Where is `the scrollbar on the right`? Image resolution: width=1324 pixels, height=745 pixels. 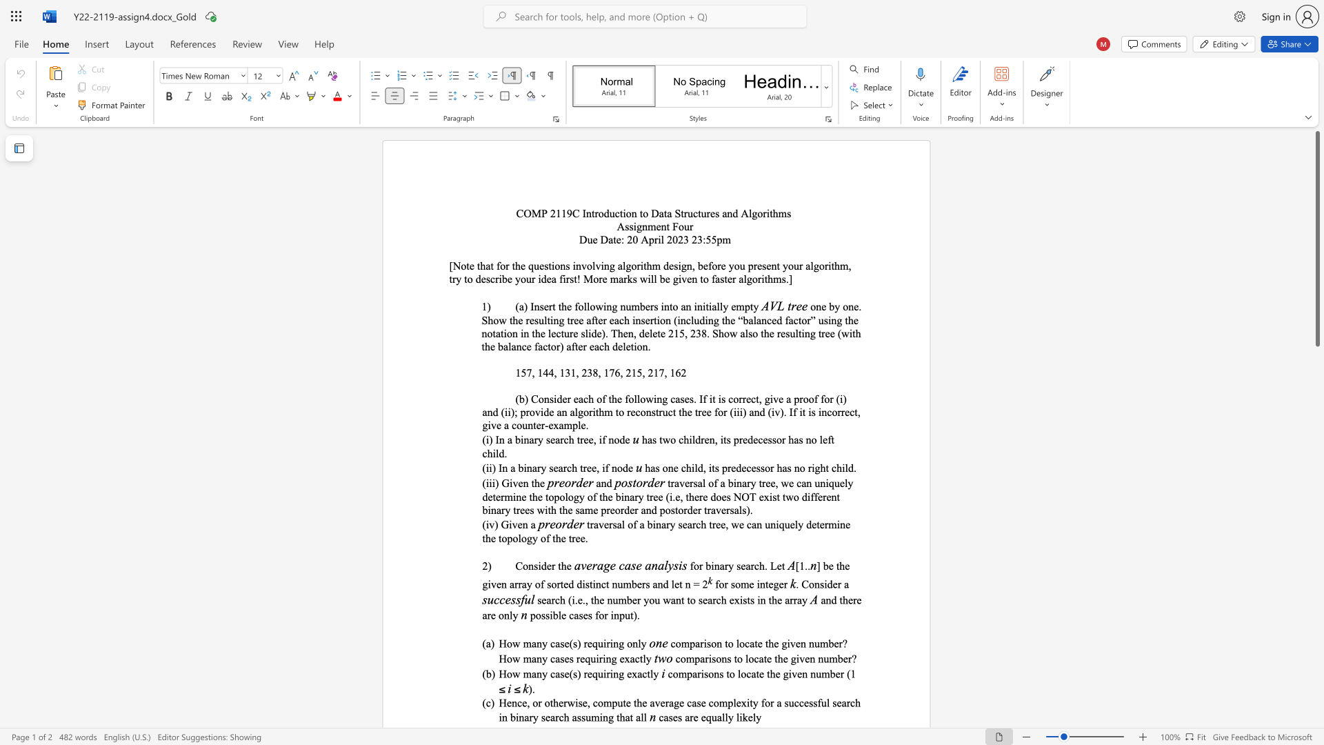 the scrollbar on the right is located at coordinates (1316, 399).